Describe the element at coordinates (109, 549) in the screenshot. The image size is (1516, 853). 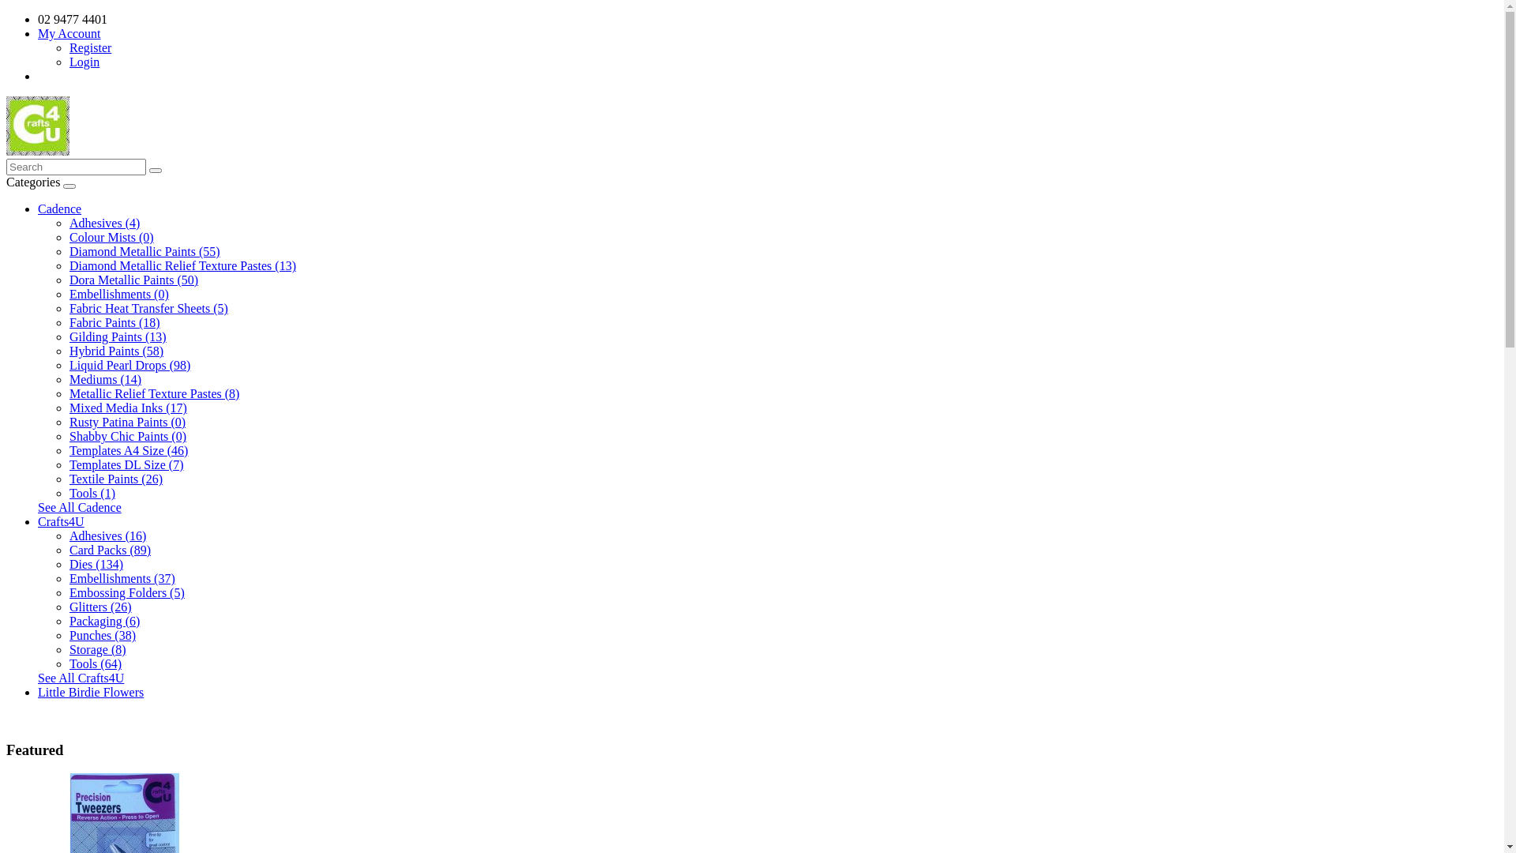
I see `'Card Packs (89)'` at that location.